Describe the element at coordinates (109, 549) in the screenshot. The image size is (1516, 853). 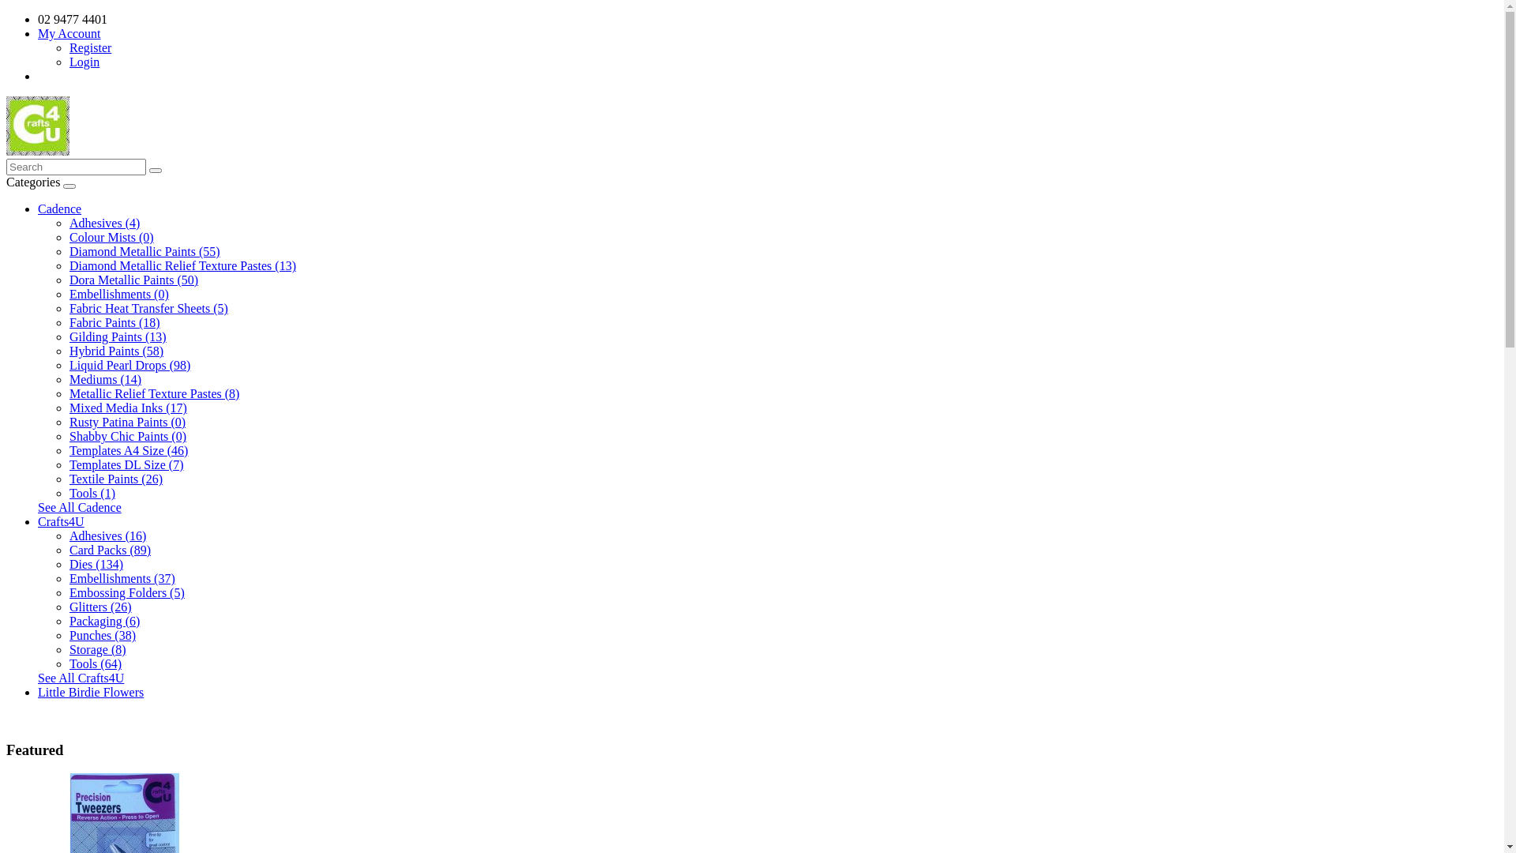
I see `'Card Packs (89)'` at that location.